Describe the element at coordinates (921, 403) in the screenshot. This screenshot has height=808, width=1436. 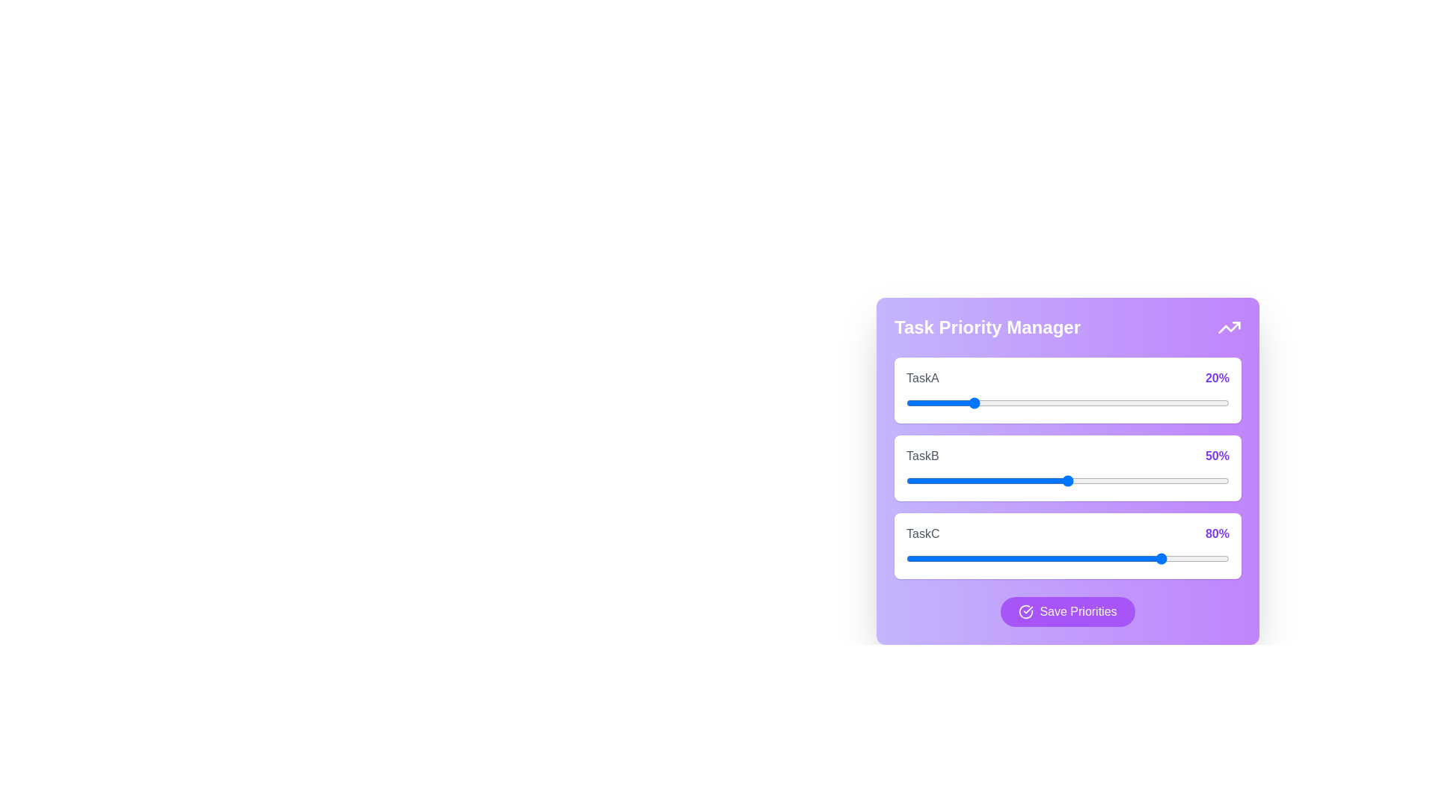
I see `the priority of 0 to 5% using the slider` at that location.